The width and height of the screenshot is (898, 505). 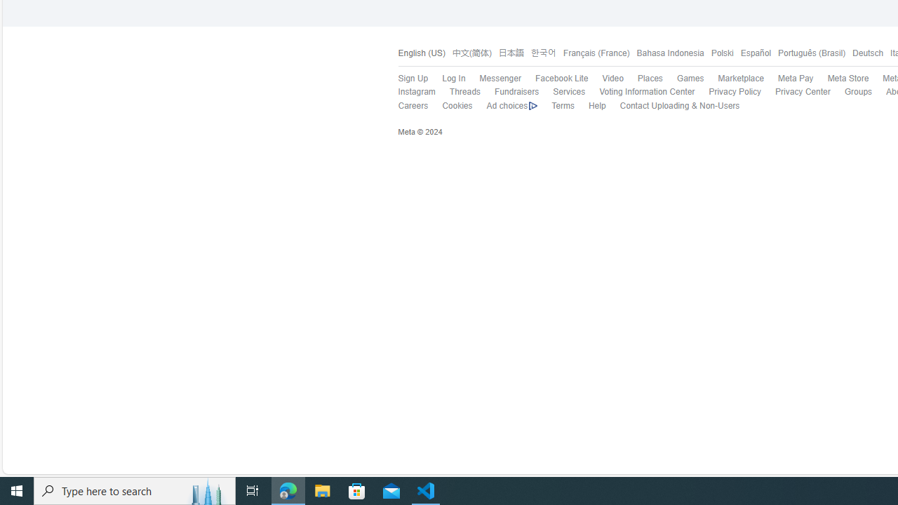 I want to click on 'Fundraisers', so click(x=509, y=92).